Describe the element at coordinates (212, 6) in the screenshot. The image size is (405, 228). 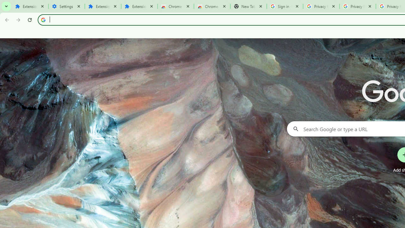
I see `'Chrome Web Store - Themes'` at that location.